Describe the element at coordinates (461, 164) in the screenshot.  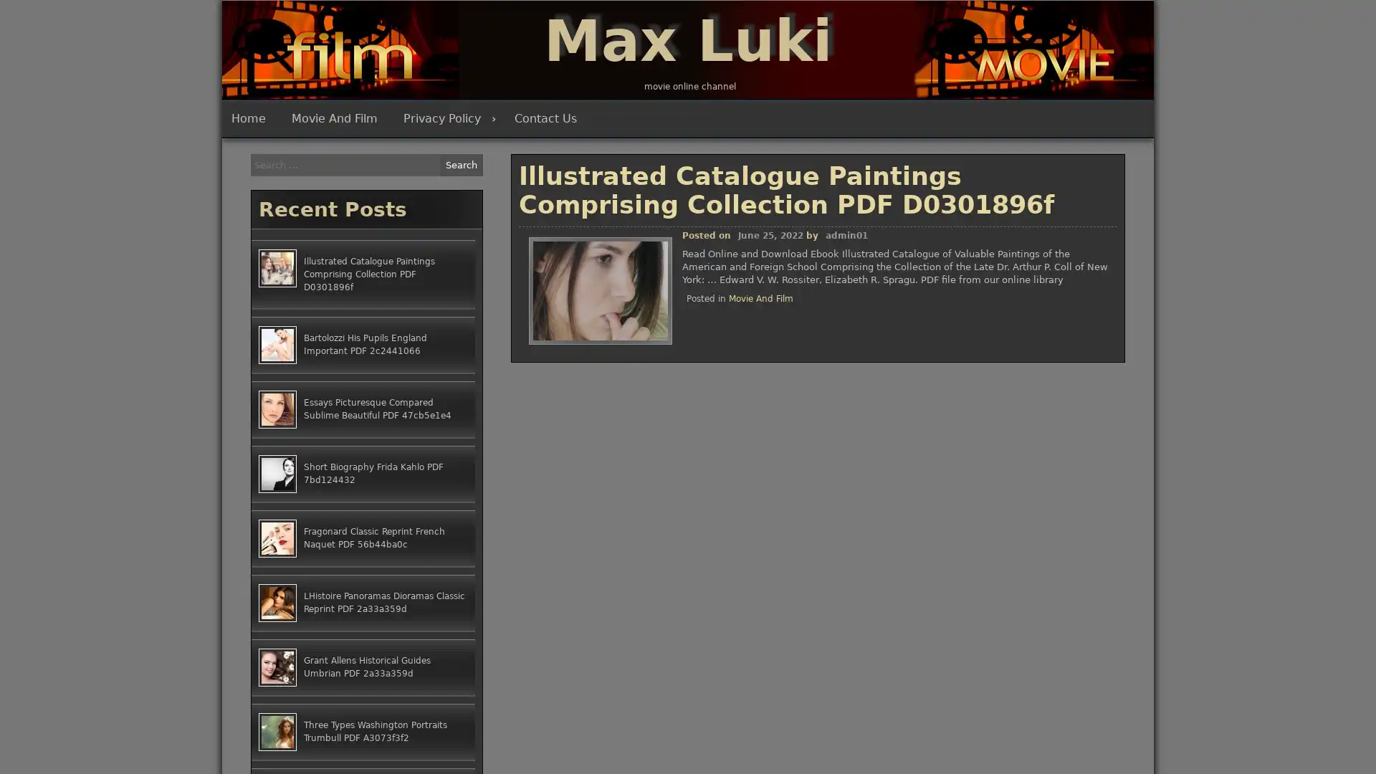
I see `Search` at that location.